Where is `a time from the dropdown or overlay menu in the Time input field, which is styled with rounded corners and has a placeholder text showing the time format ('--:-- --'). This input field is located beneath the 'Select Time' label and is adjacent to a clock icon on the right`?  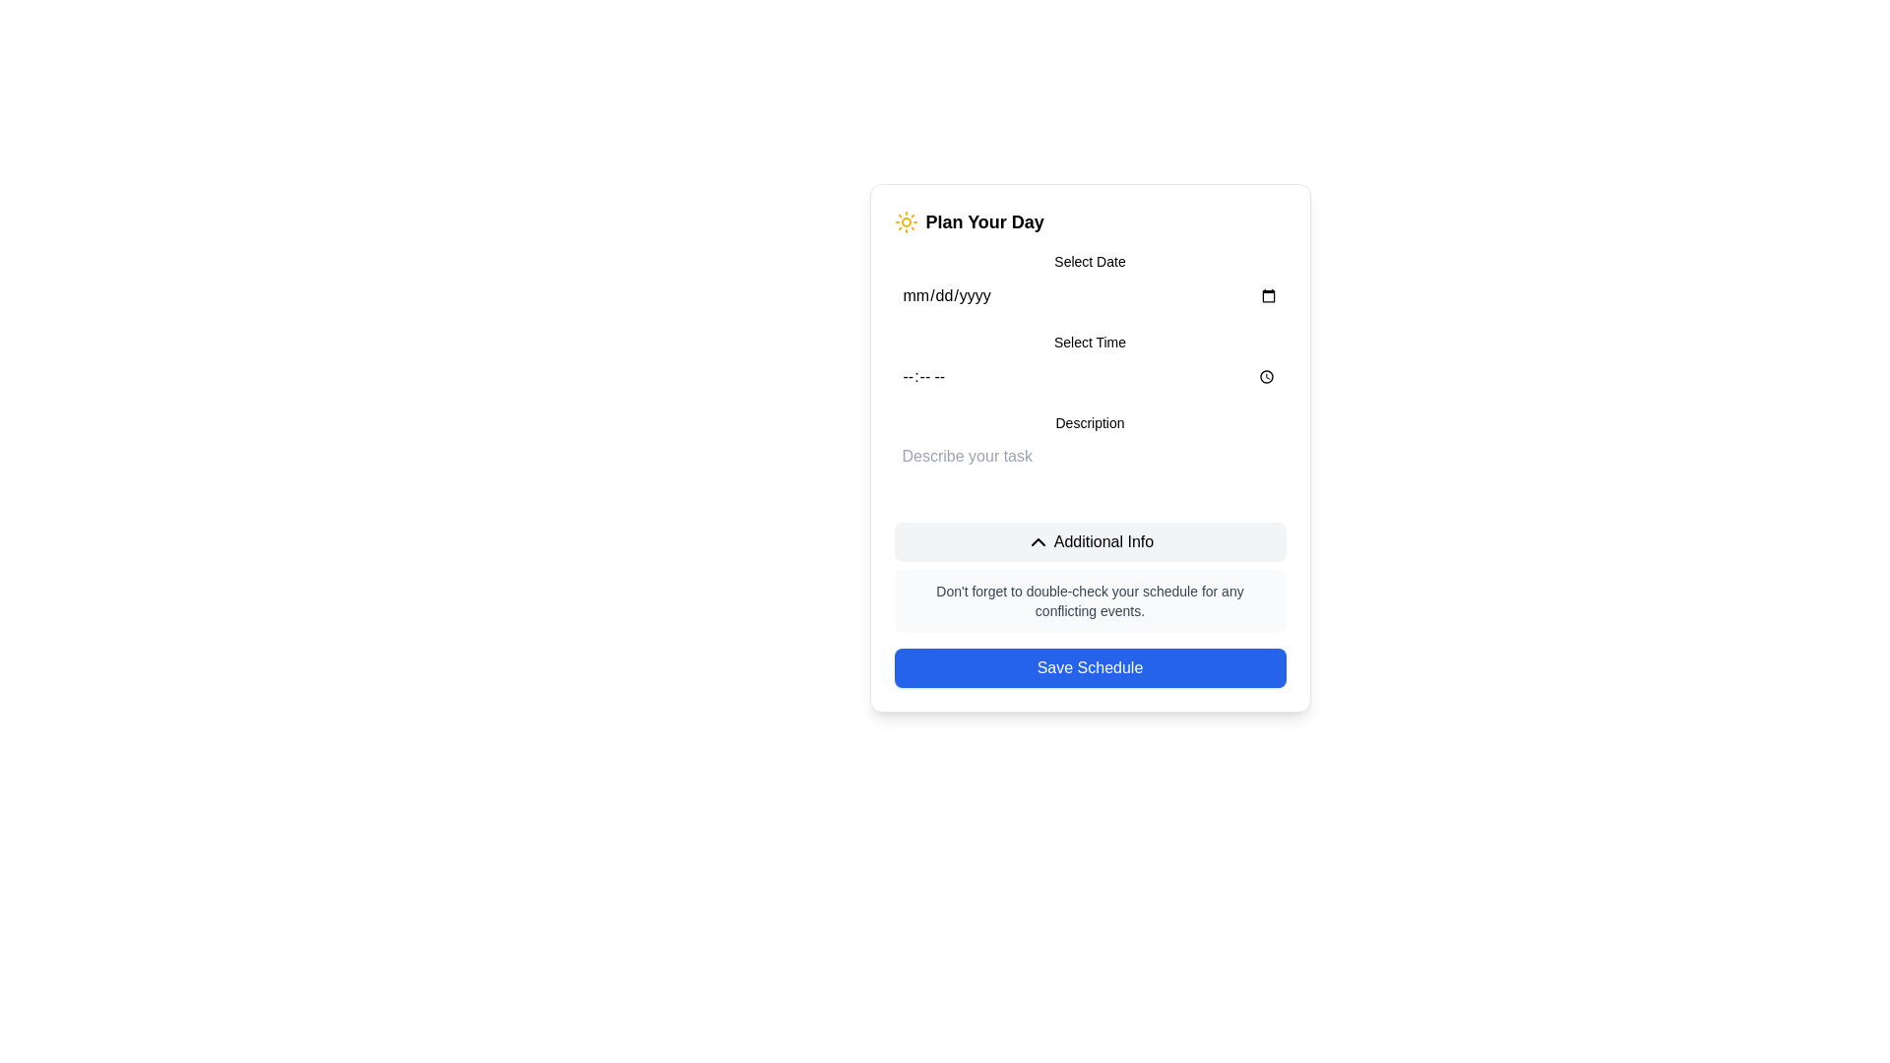
a time from the dropdown or overlay menu in the Time input field, which is styled with rounded corners and has a placeholder text showing the time format ('--:-- --'). This input field is located beneath the 'Select Time' label and is adjacent to a clock icon on the right is located at coordinates (1089, 376).